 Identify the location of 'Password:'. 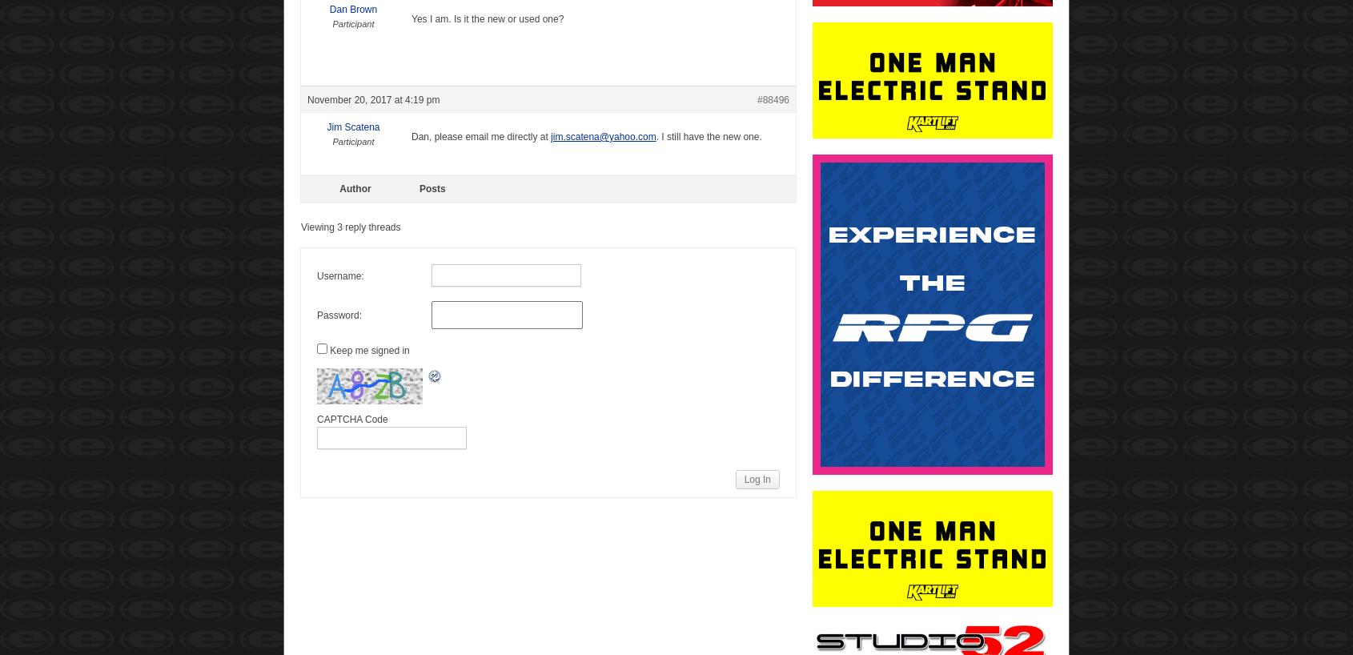
(339, 314).